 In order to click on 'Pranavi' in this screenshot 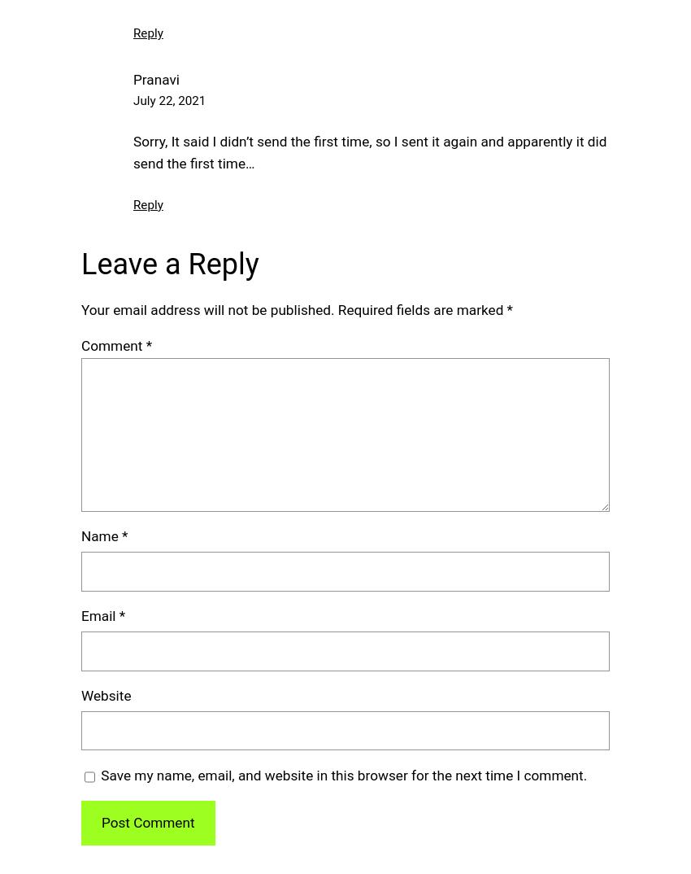, I will do `click(155, 78)`.